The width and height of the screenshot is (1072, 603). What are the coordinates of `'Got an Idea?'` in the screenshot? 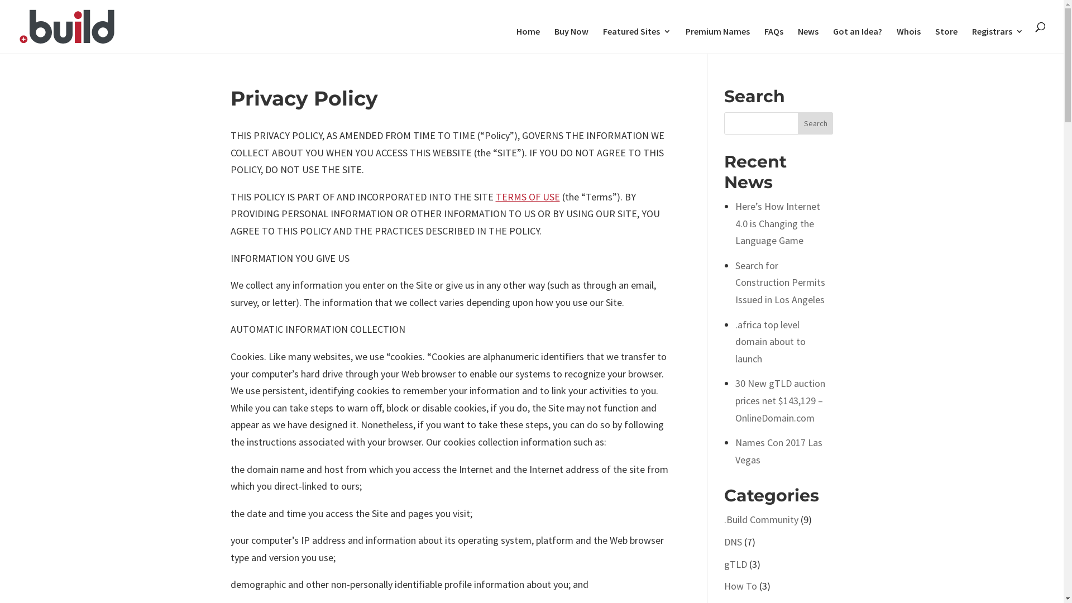 It's located at (857, 40).